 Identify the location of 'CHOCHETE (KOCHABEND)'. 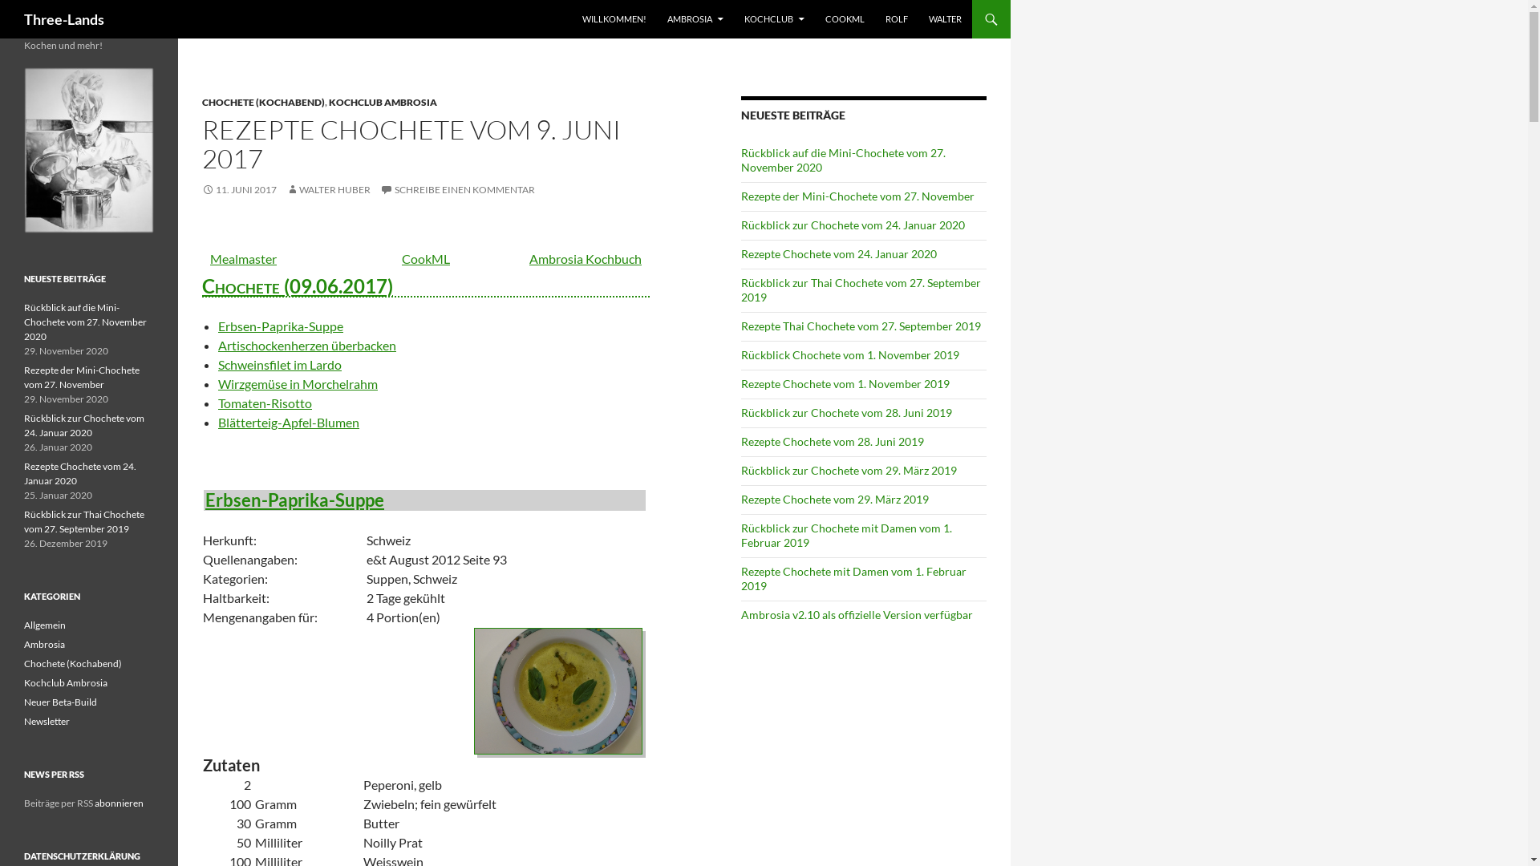
(201, 102).